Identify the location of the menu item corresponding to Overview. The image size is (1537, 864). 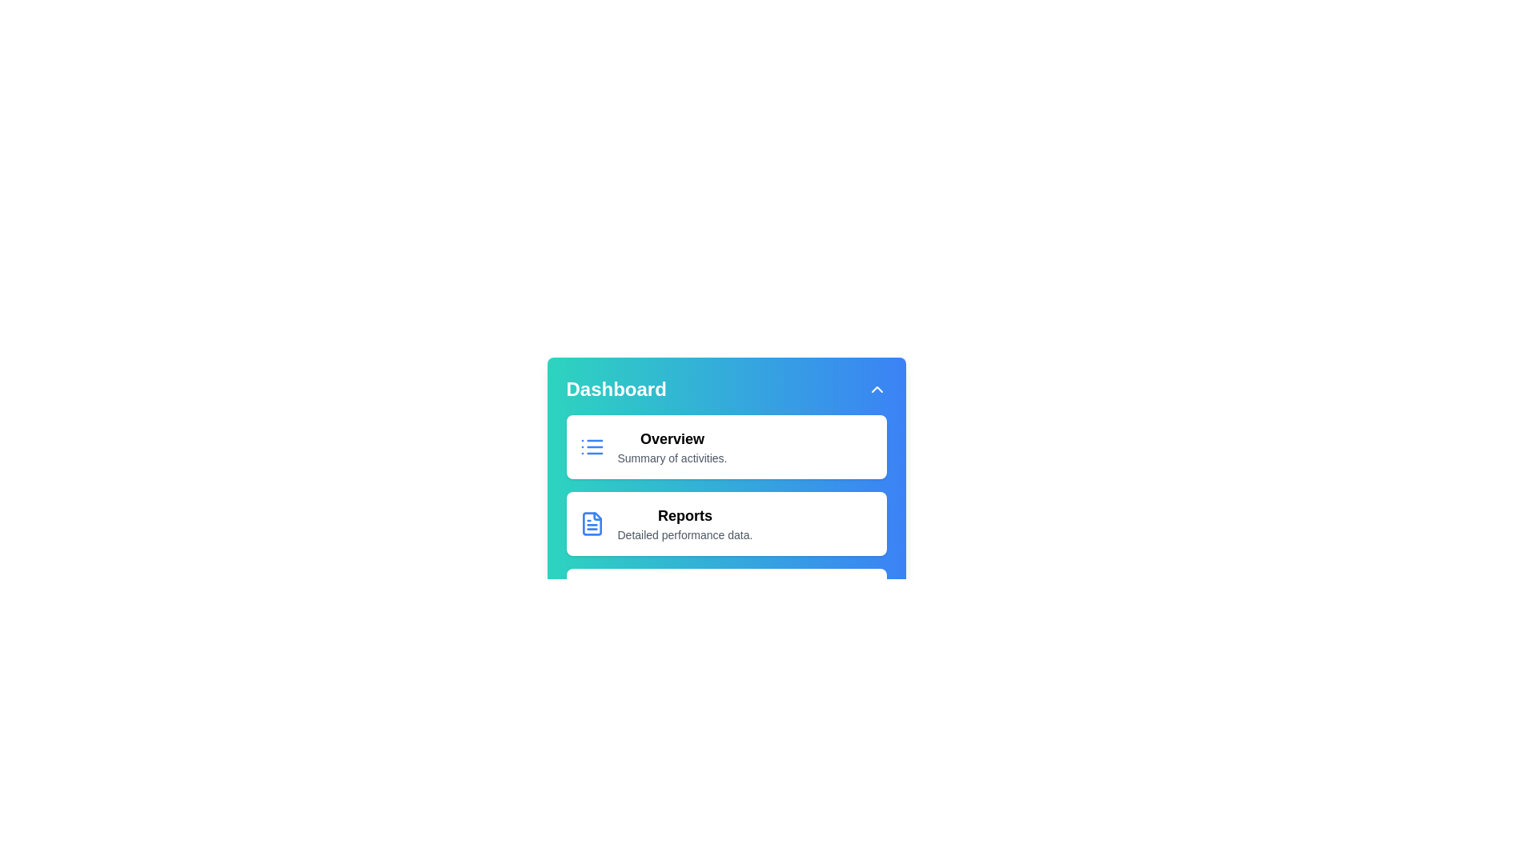
(725, 447).